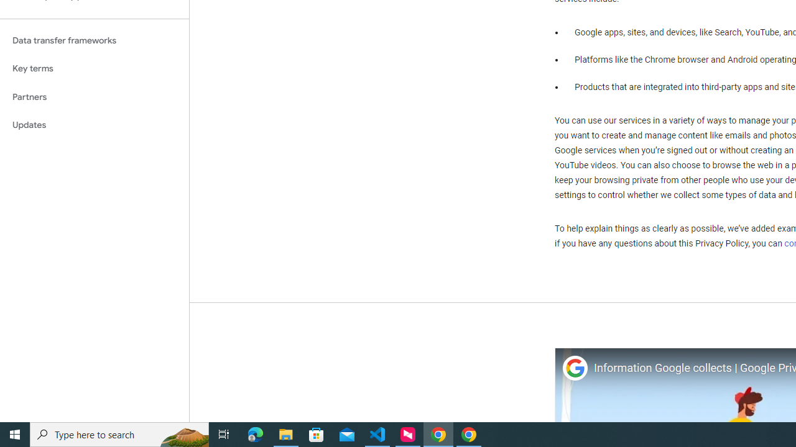  I want to click on 'Photo image of Google', so click(574, 368).